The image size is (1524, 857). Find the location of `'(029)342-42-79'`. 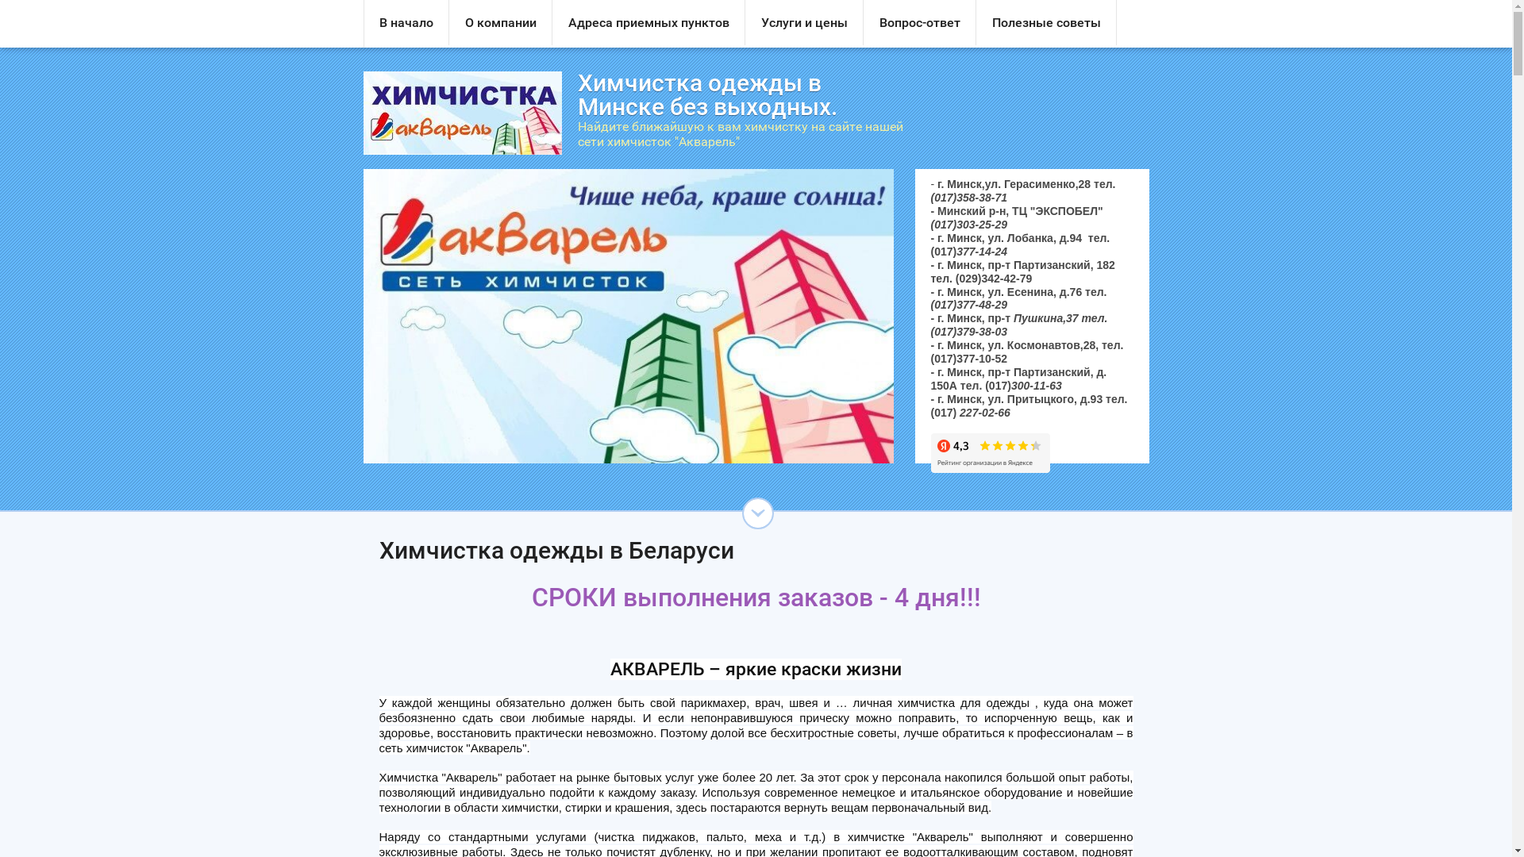

'(029)342-42-79' is located at coordinates (993, 278).